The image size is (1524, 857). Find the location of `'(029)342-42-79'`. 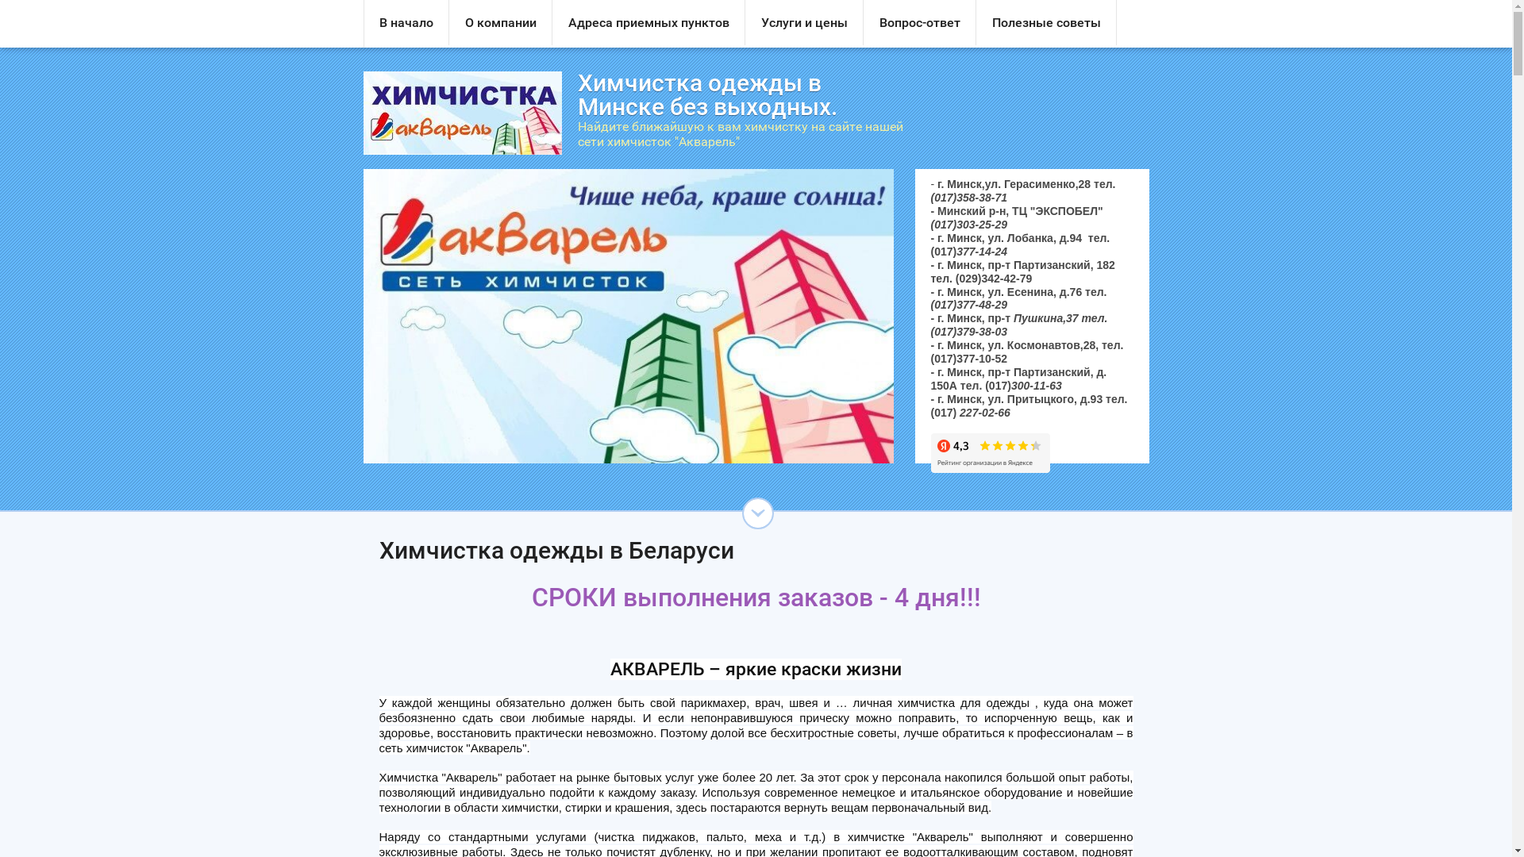

'(029)342-42-79' is located at coordinates (993, 278).